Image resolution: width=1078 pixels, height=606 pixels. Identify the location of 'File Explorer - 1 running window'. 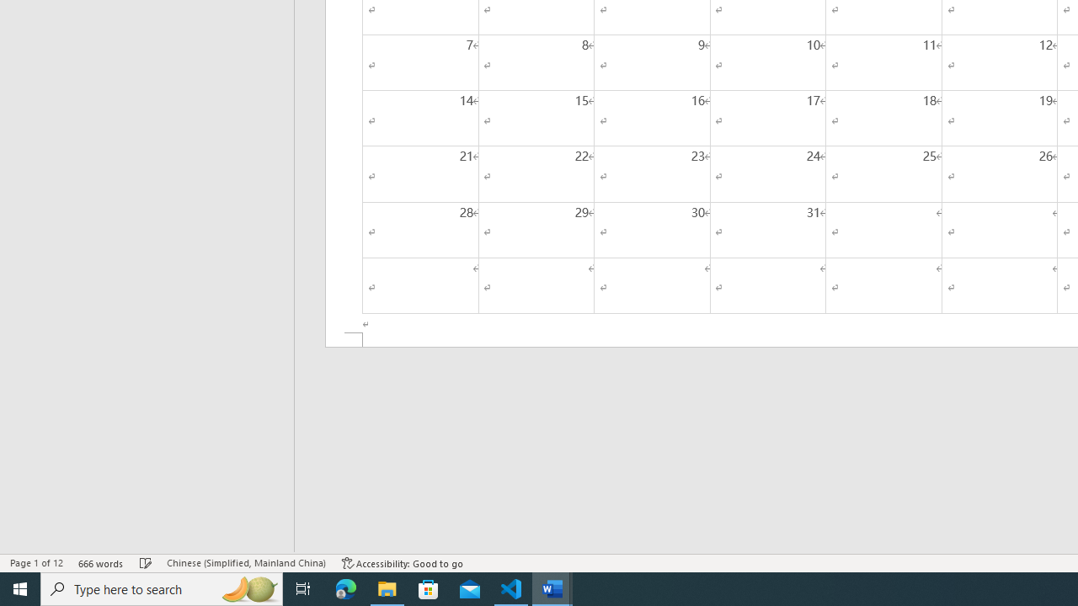
(387, 587).